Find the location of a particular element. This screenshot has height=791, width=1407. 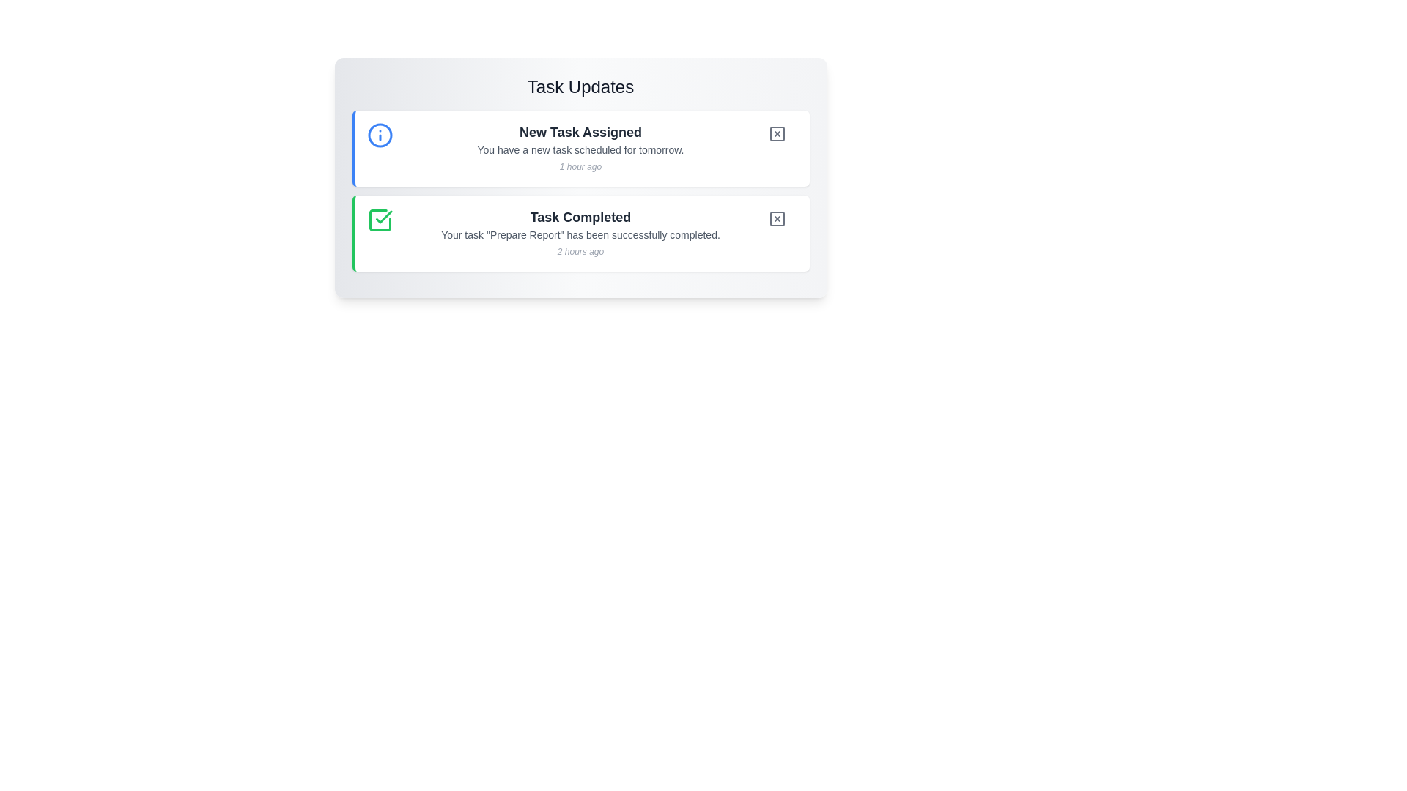

the blue circular icon with a lowercase 'i' located to the far left of the 'New Task Assigned' update is located at coordinates (380, 135).